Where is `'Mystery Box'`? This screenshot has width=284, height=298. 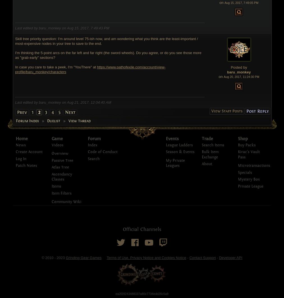
'Mystery Box' is located at coordinates (249, 179).